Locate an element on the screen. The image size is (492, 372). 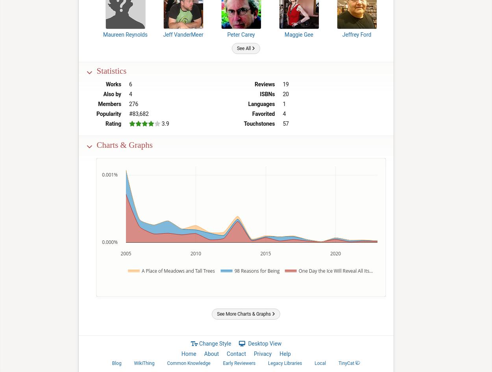
'See More Charts & Graphs' is located at coordinates (244, 314).